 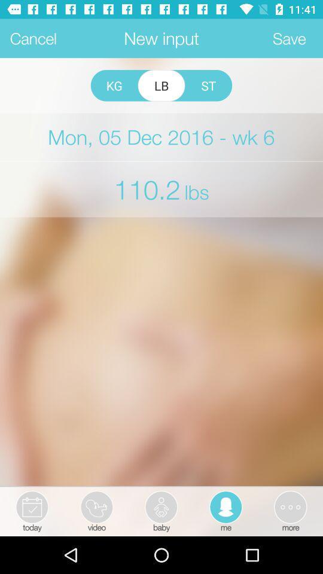 I want to click on st icon, so click(x=208, y=85).